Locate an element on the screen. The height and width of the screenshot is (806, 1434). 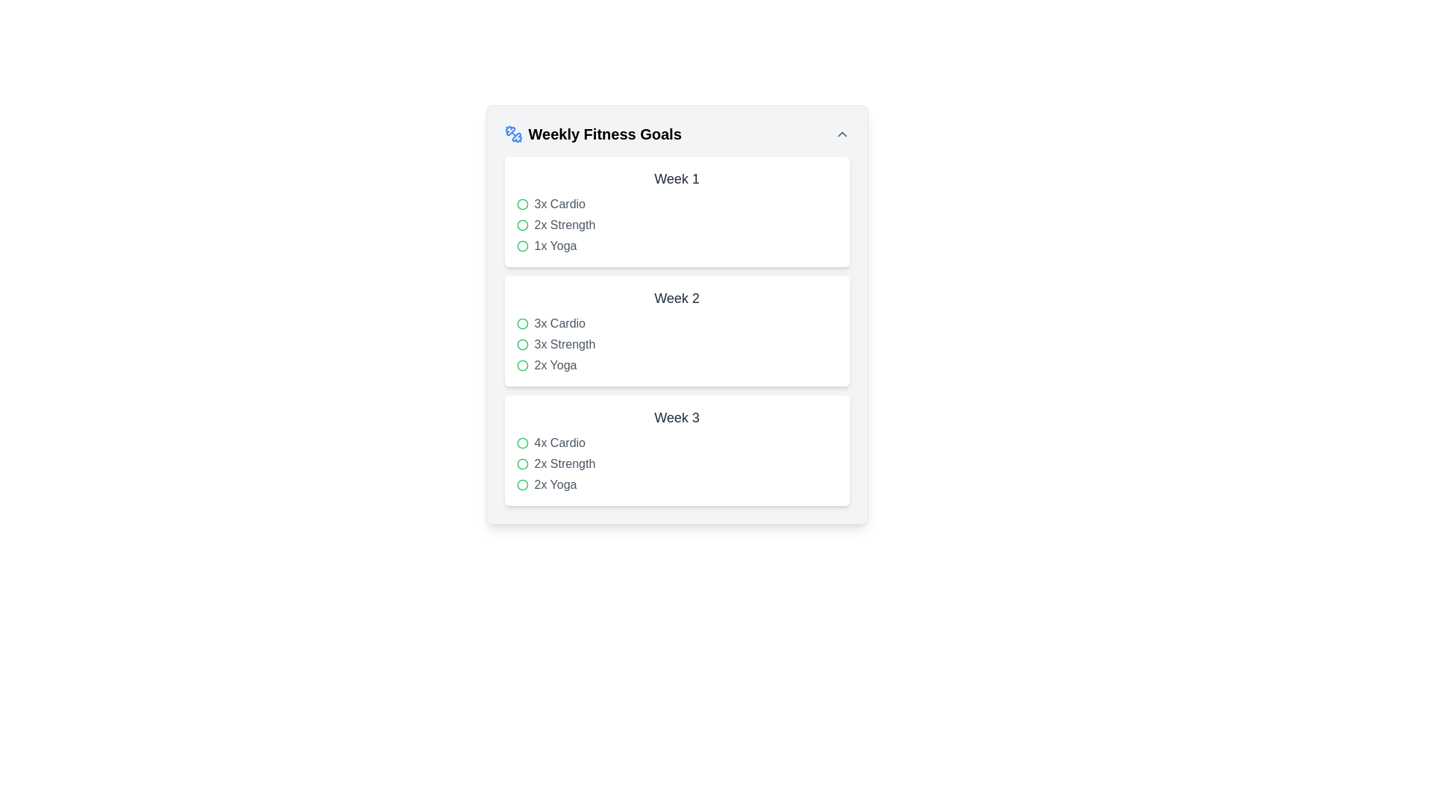
the small circle icon with a green border next to the text '2x Yoga' in the 'Week 2' section of fitness goals is located at coordinates (522, 365).